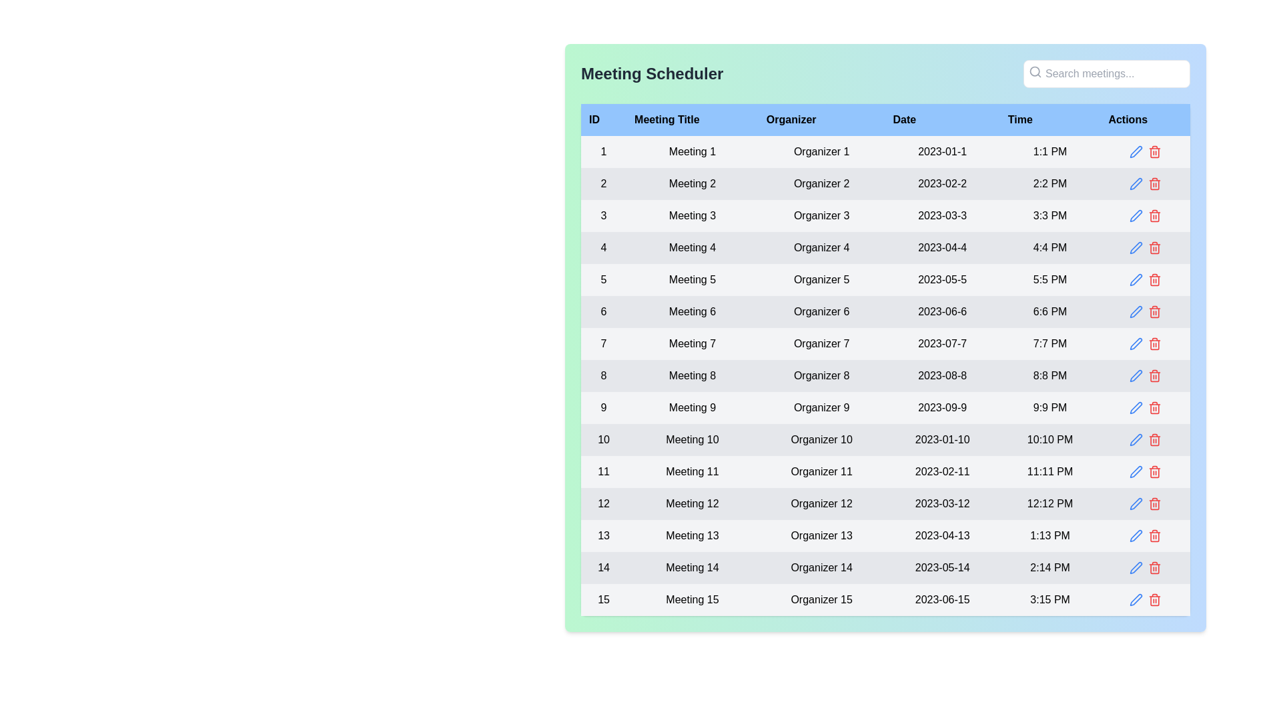 This screenshot has width=1281, height=720. What do you see at coordinates (603, 535) in the screenshot?
I see `the table cell containing the number '13' in the ID column, which is the first cell of the thirteenth row, displaying bold black text on a light gray background` at bounding box center [603, 535].